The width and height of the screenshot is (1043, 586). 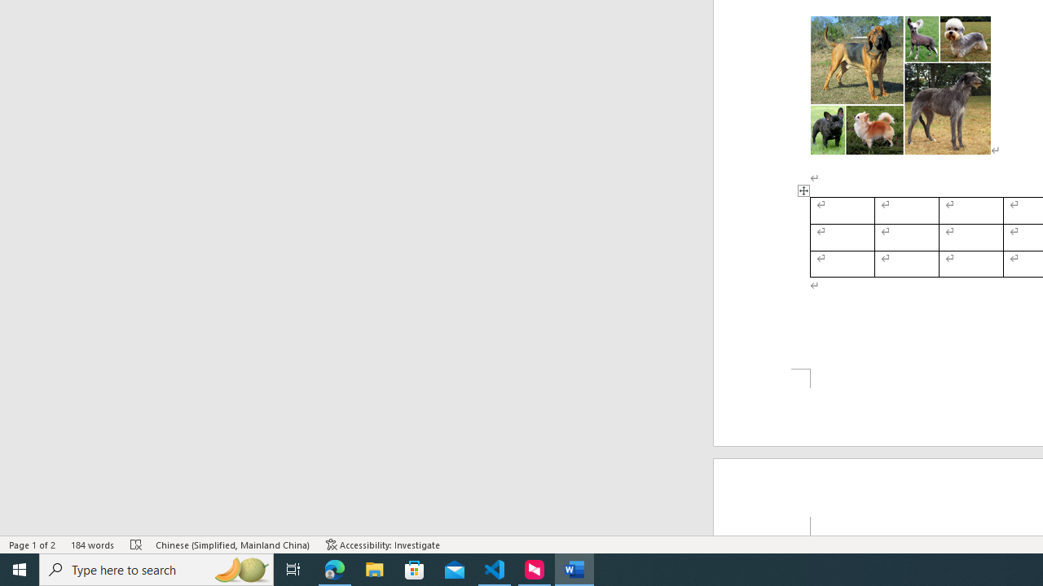 What do you see at coordinates (137, 544) in the screenshot?
I see `'Spelling and Grammar Check Errors'` at bounding box center [137, 544].